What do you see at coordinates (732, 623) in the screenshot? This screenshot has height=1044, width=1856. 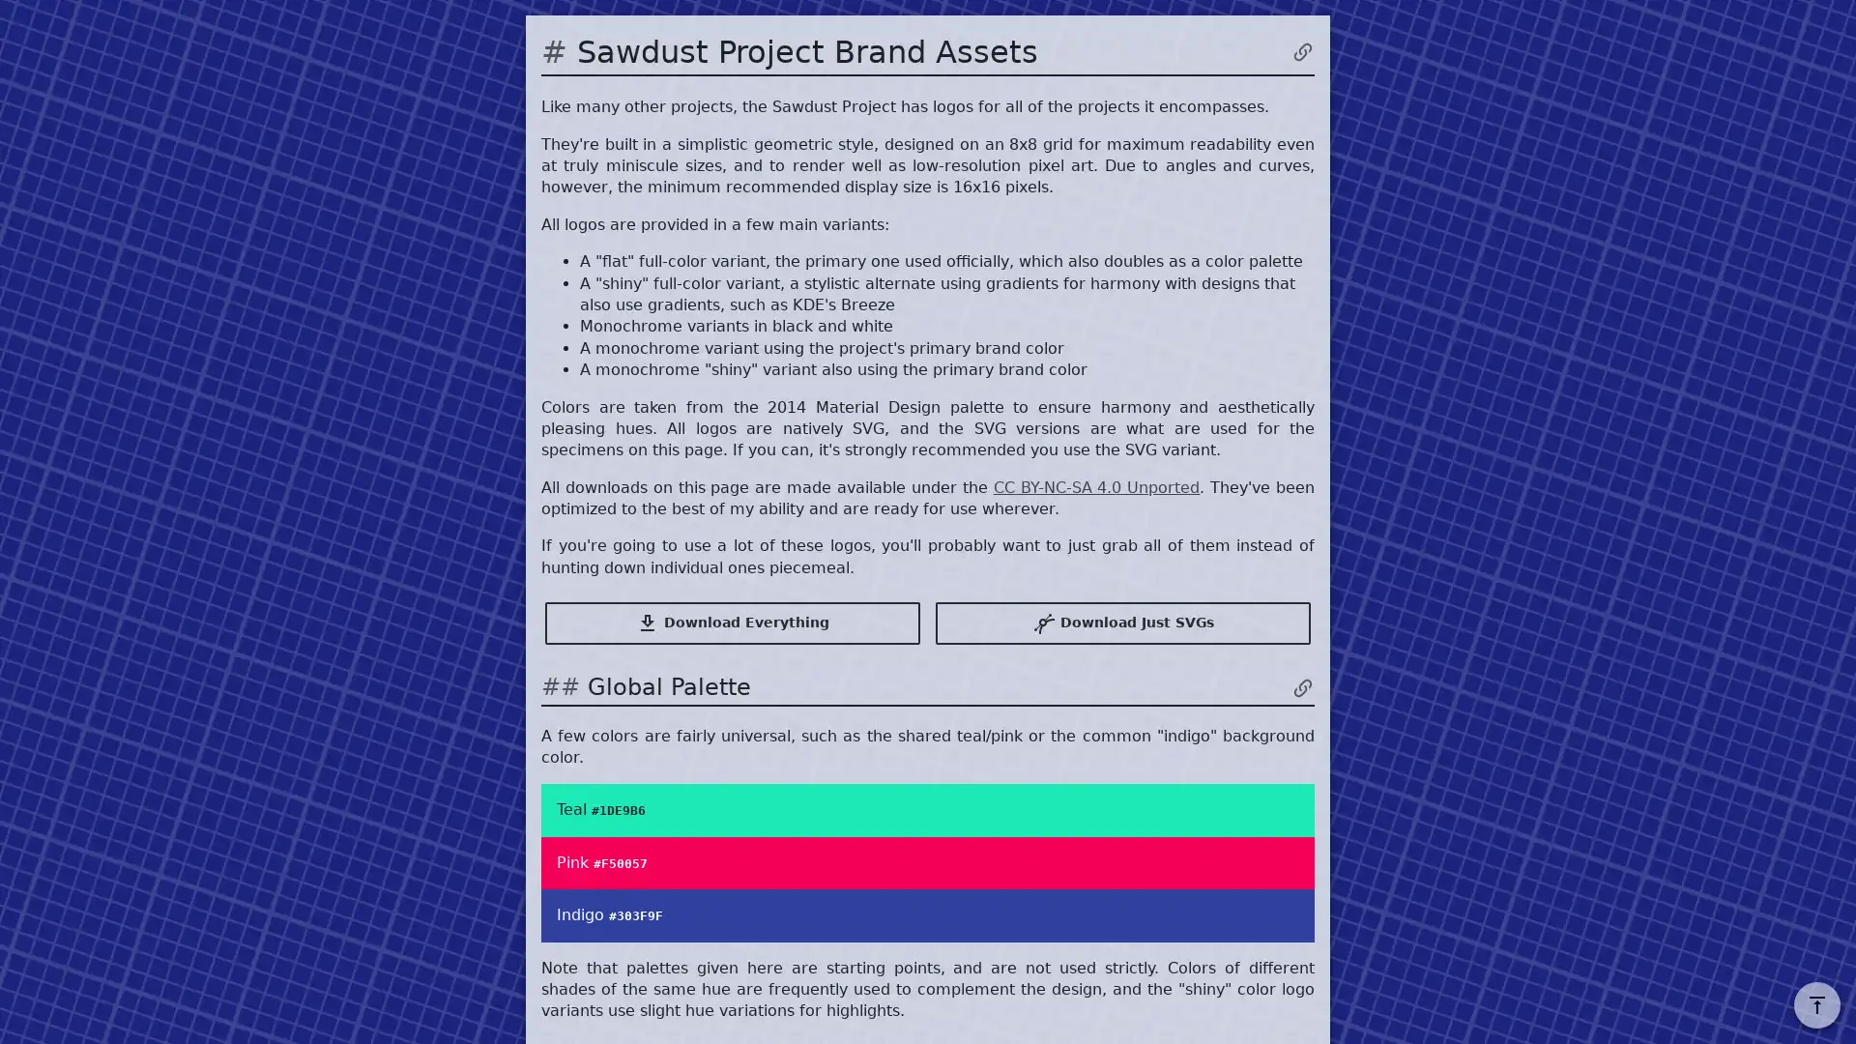 I see `Download Everything` at bounding box center [732, 623].